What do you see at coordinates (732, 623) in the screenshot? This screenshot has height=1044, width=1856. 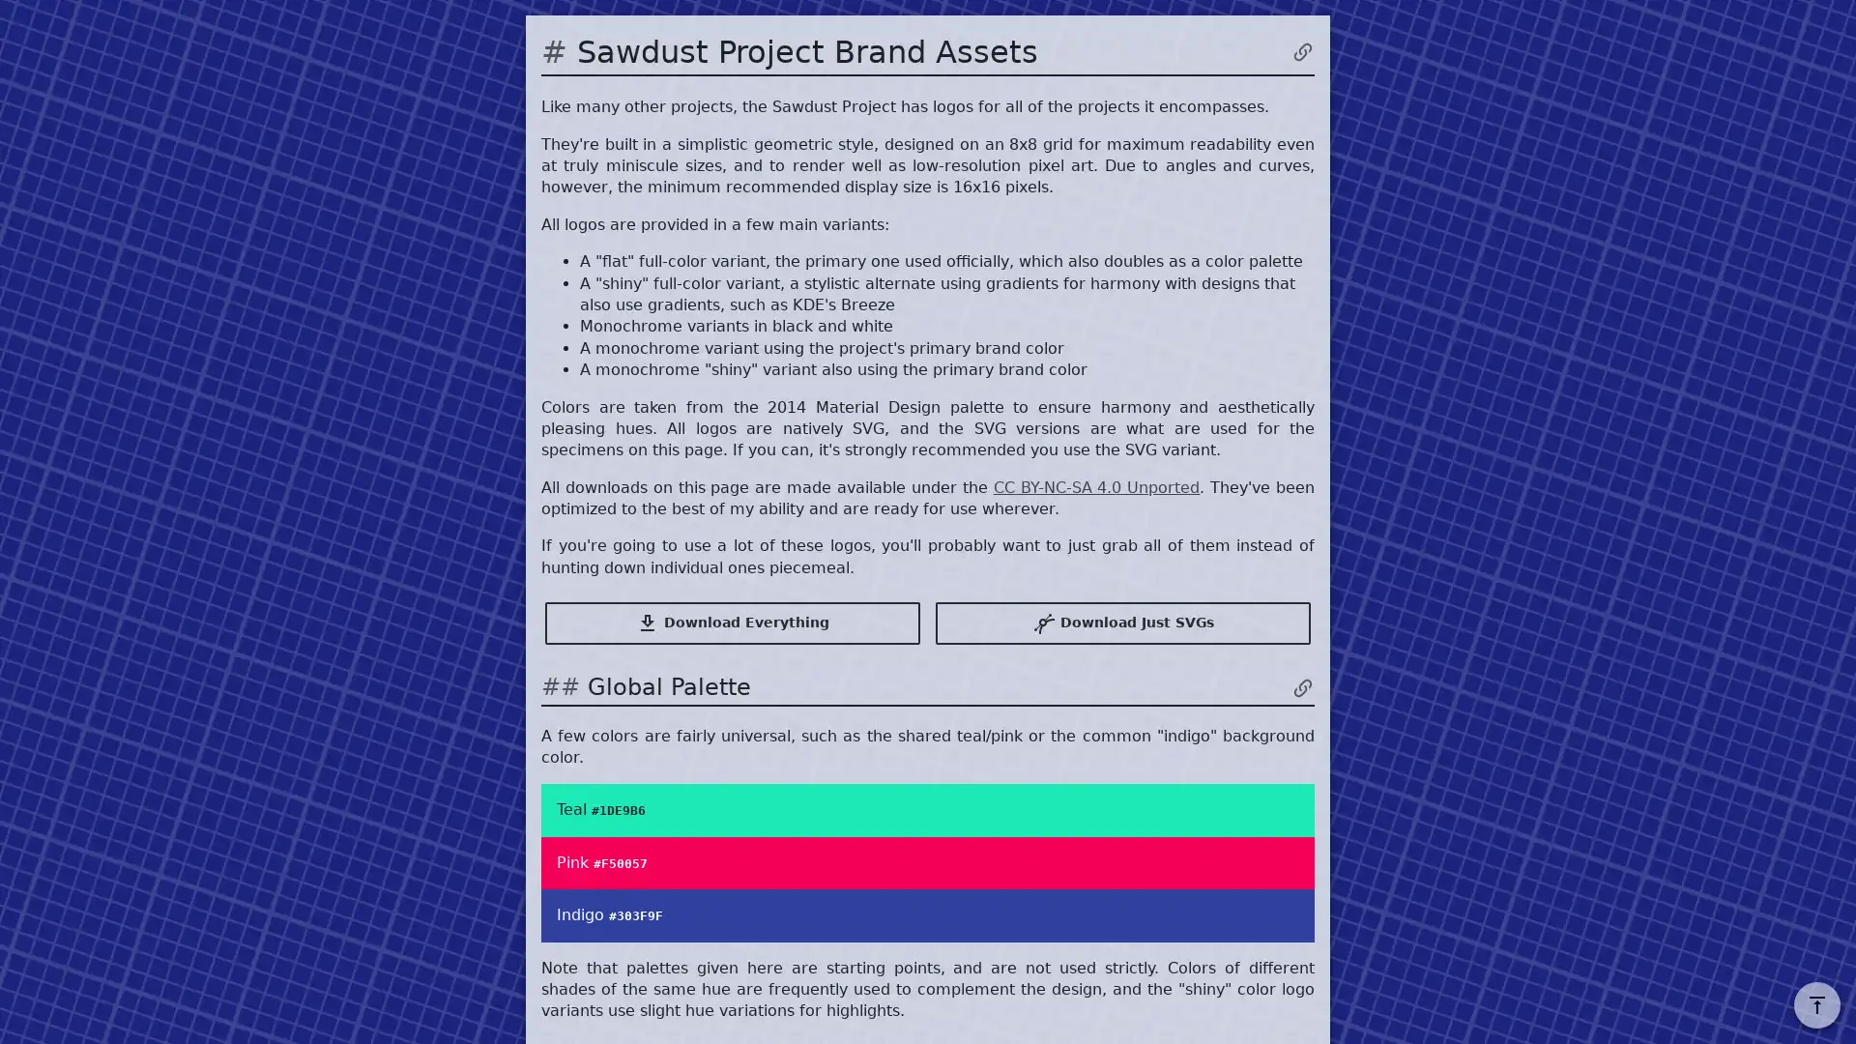 I see `Download Everything` at bounding box center [732, 623].